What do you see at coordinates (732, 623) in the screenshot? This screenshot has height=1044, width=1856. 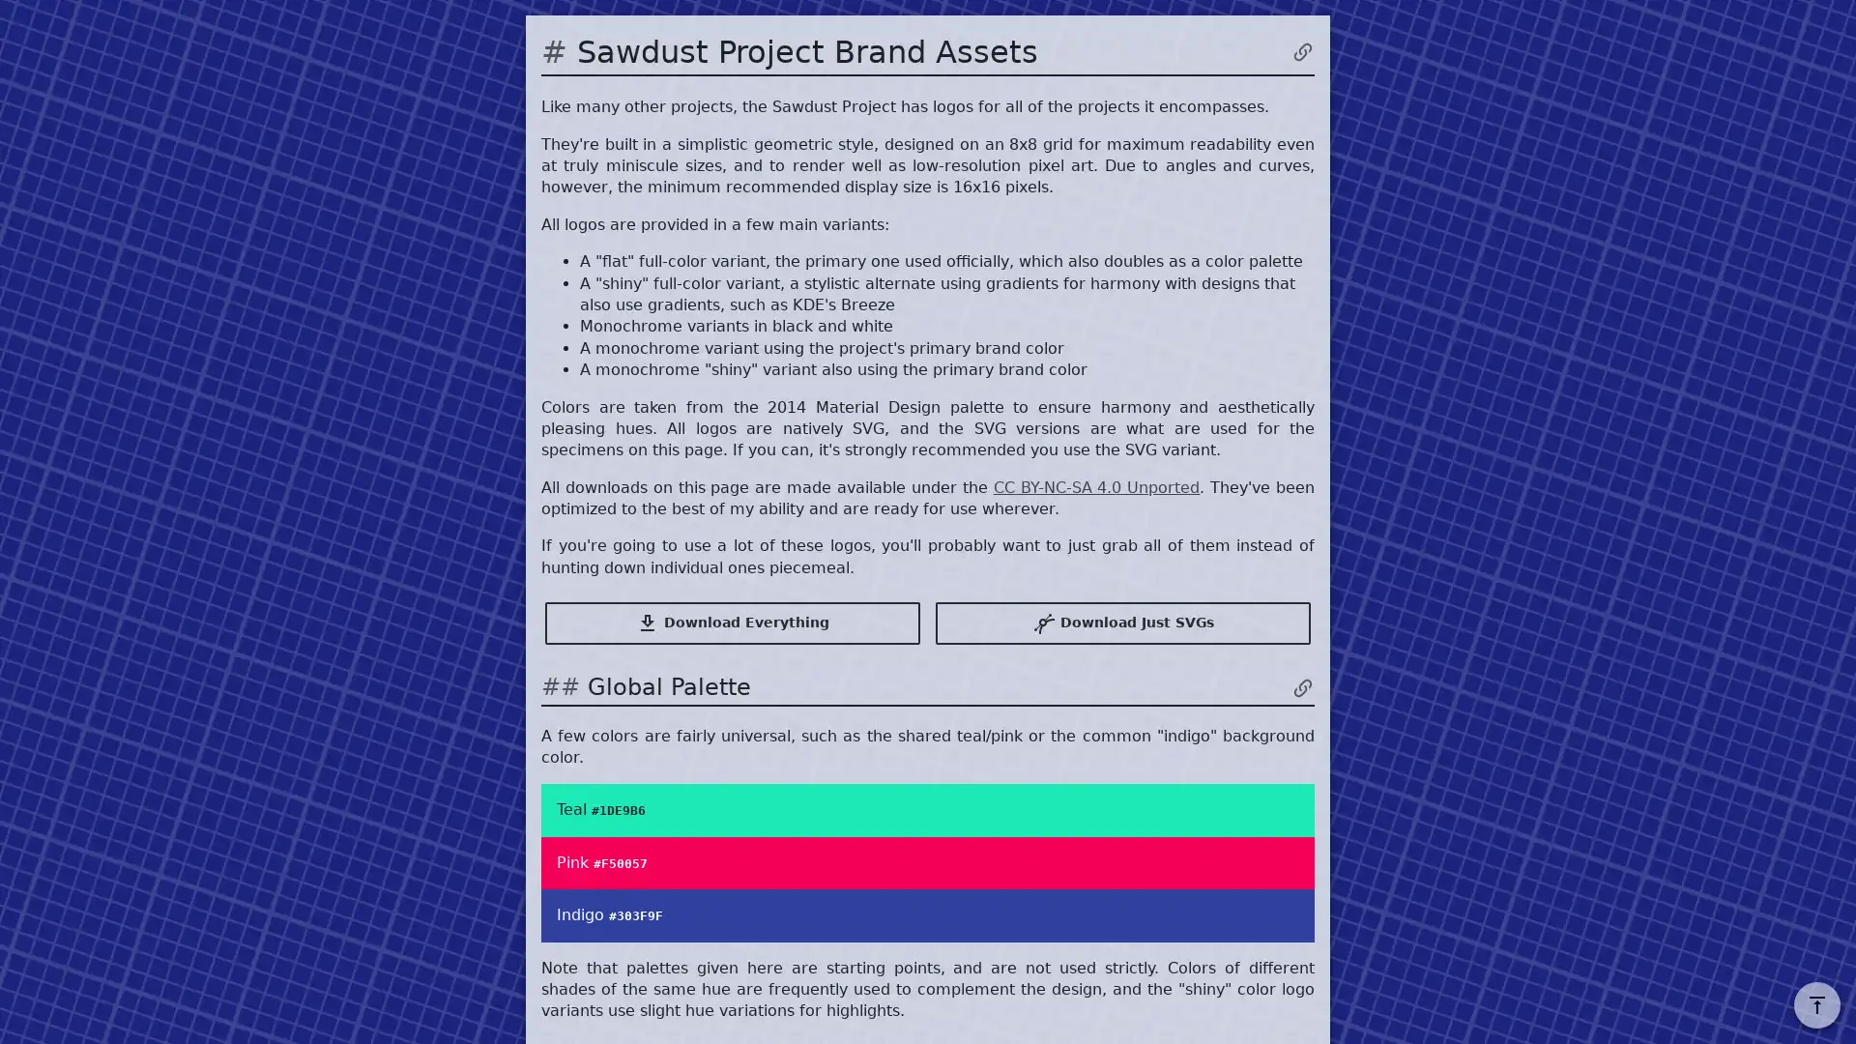 I see `Download Everything` at bounding box center [732, 623].